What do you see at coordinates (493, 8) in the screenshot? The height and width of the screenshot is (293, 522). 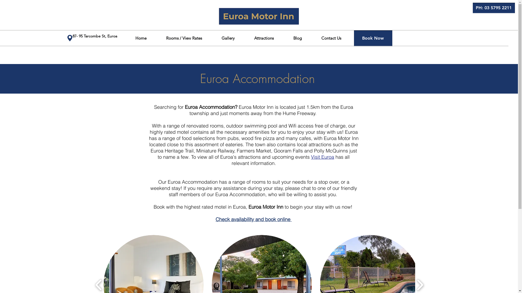 I see `'PH: 03 5795 2211'` at bounding box center [493, 8].